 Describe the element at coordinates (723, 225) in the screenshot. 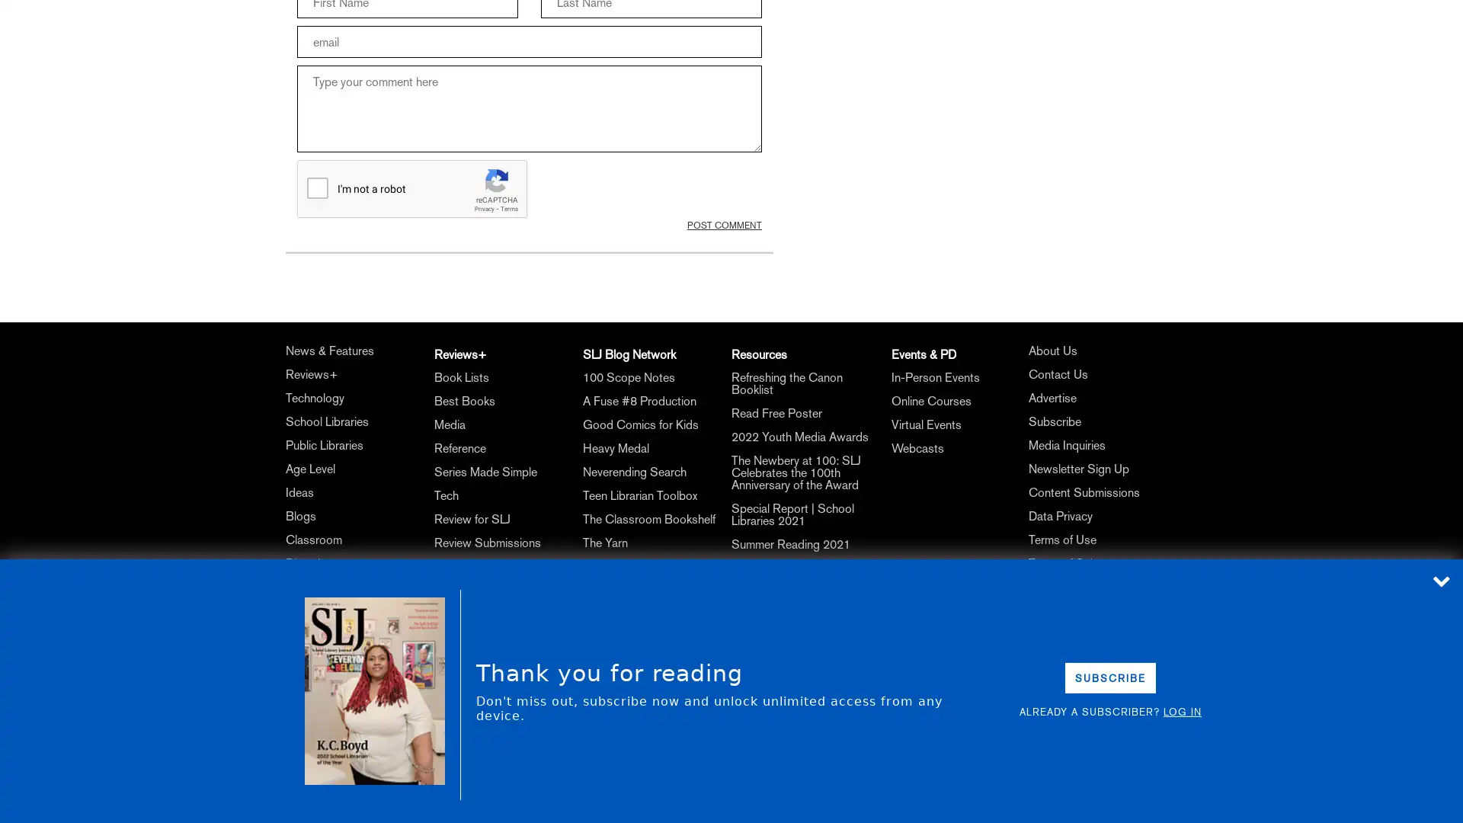

I see `POST COMMENT` at that location.